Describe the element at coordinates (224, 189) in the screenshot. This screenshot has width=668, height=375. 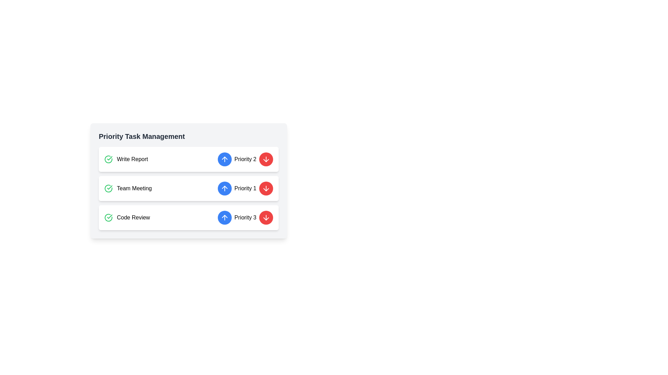
I see `the circular blue button with a white upward-facing arrow icon located to the left of 'Priority 1' and to the right of the 'Team Meeting' task indicator to increase the task priority` at that location.